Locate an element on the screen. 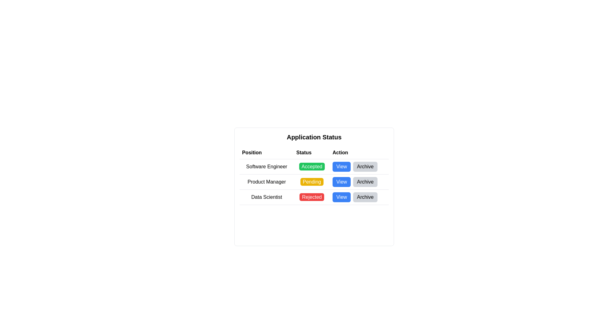  the 'Archive' button, which is a rectangular button with a gray background and black text, located in the second row of the 'Action' column next to the 'View' button is located at coordinates (365, 182).